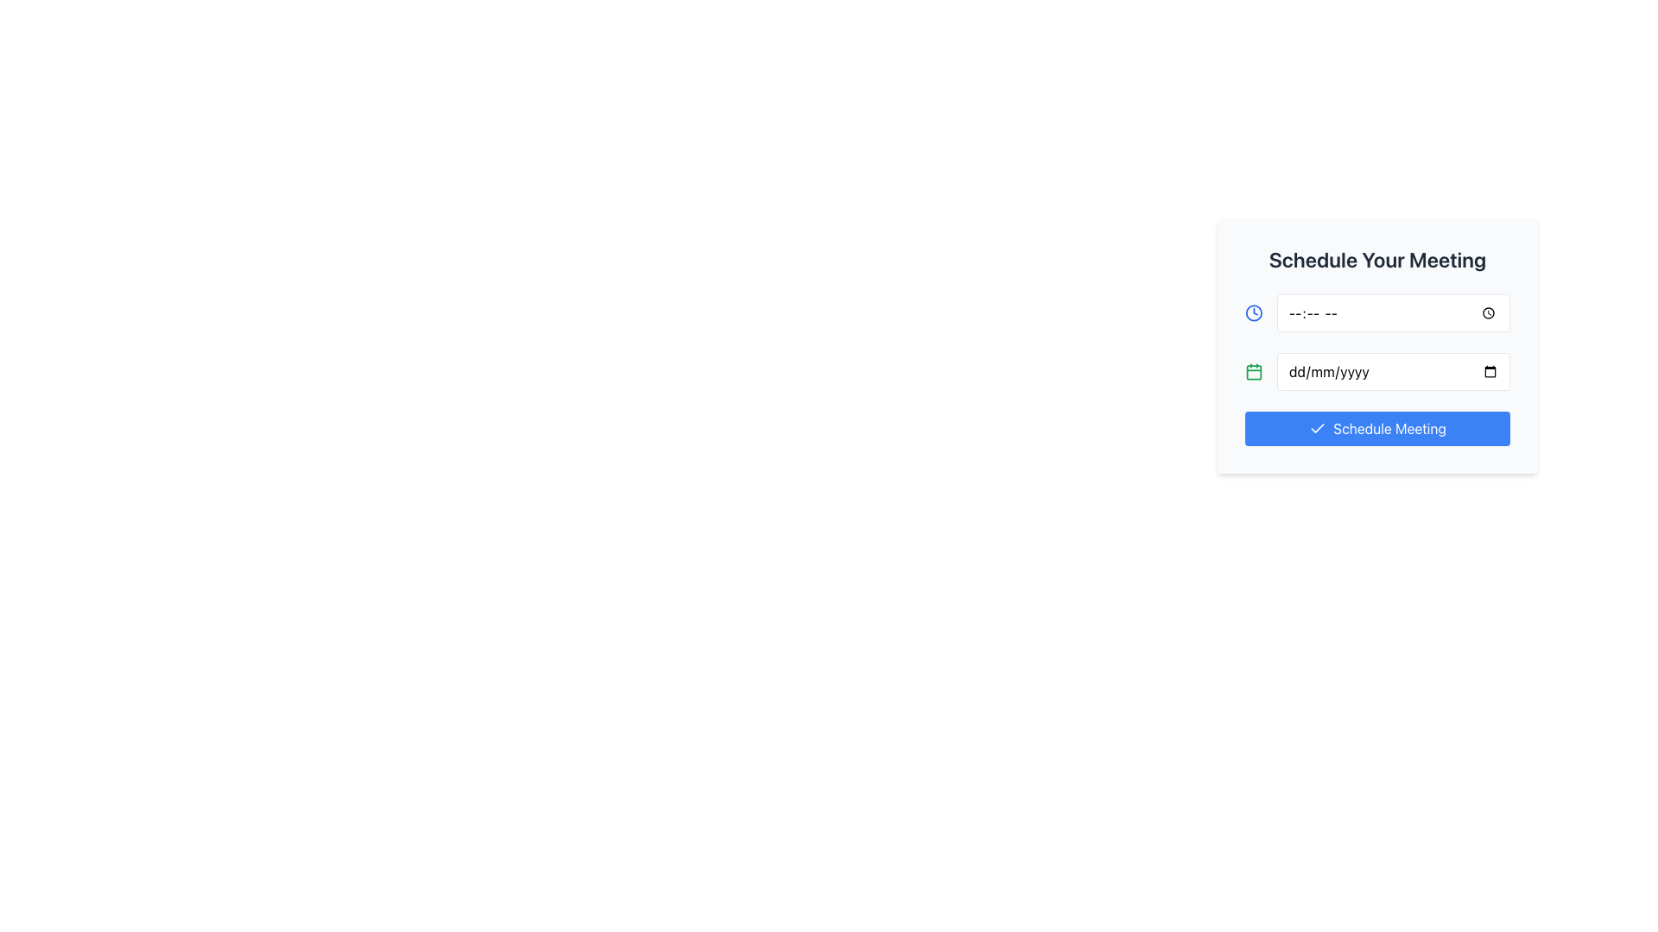 The image size is (1658, 932). What do you see at coordinates (1254, 371) in the screenshot?
I see `the decorative rectangle with a green border that is part of the calendar icon, located near the beginning of the date input field in the meeting scheduling interface` at bounding box center [1254, 371].